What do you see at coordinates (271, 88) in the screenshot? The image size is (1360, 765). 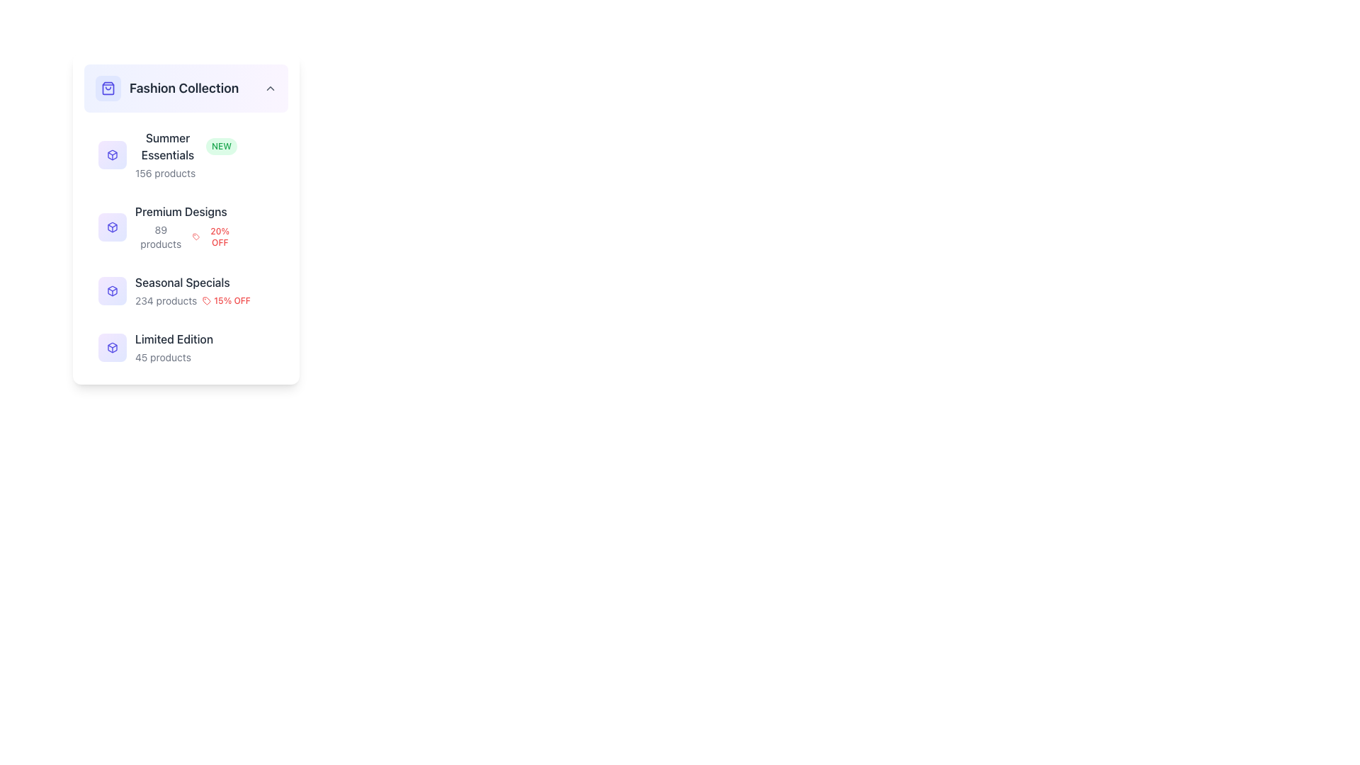 I see `the dropdown toggle icon located to the right of the 'Fashion Collection' header` at bounding box center [271, 88].